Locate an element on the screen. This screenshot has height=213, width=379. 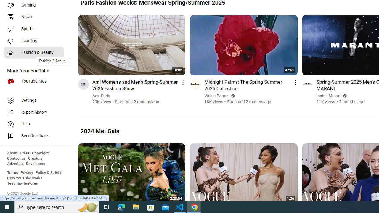
'Terms' is located at coordinates (12, 173).